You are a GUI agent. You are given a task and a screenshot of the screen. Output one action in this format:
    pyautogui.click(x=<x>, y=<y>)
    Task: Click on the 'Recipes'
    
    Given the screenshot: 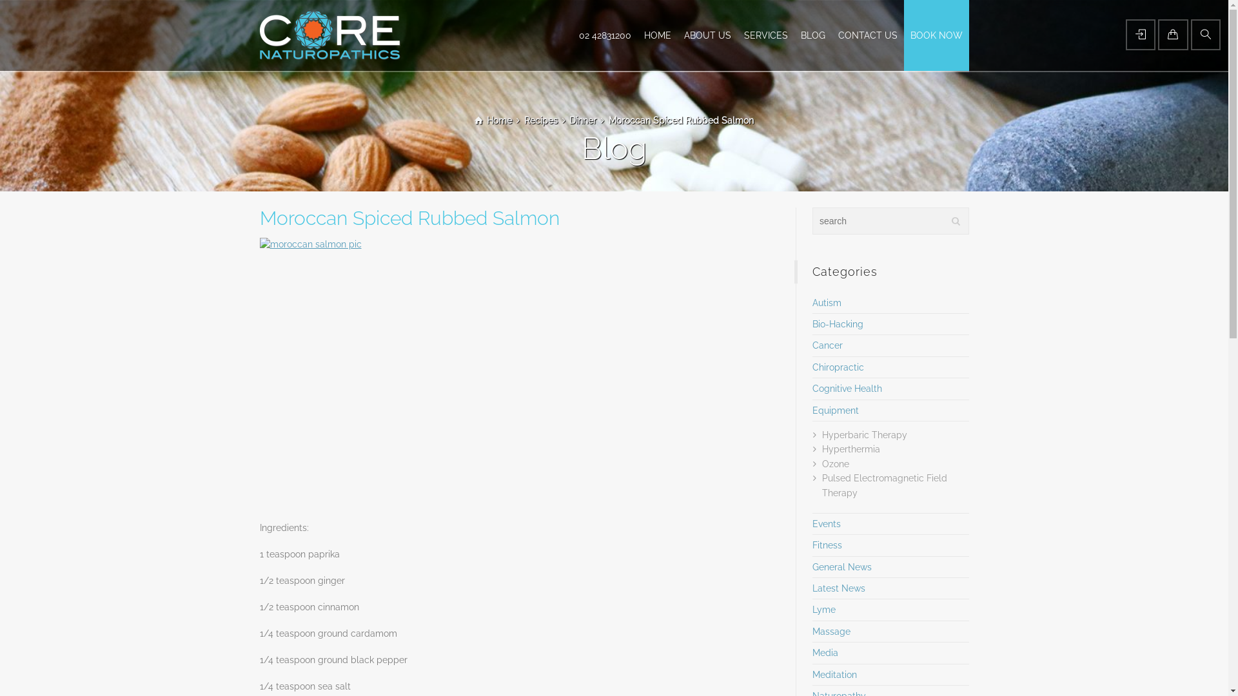 What is the action you would take?
    pyautogui.click(x=541, y=120)
    